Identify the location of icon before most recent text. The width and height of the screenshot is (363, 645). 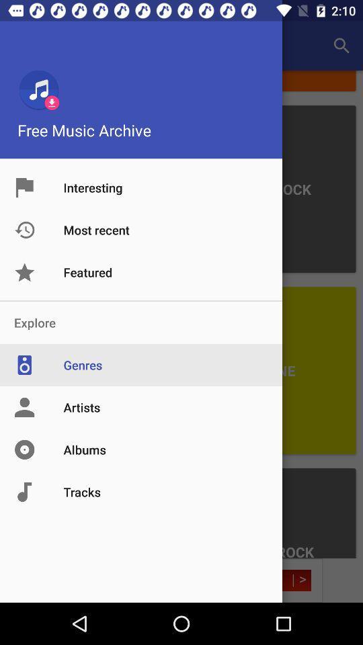
(38, 230).